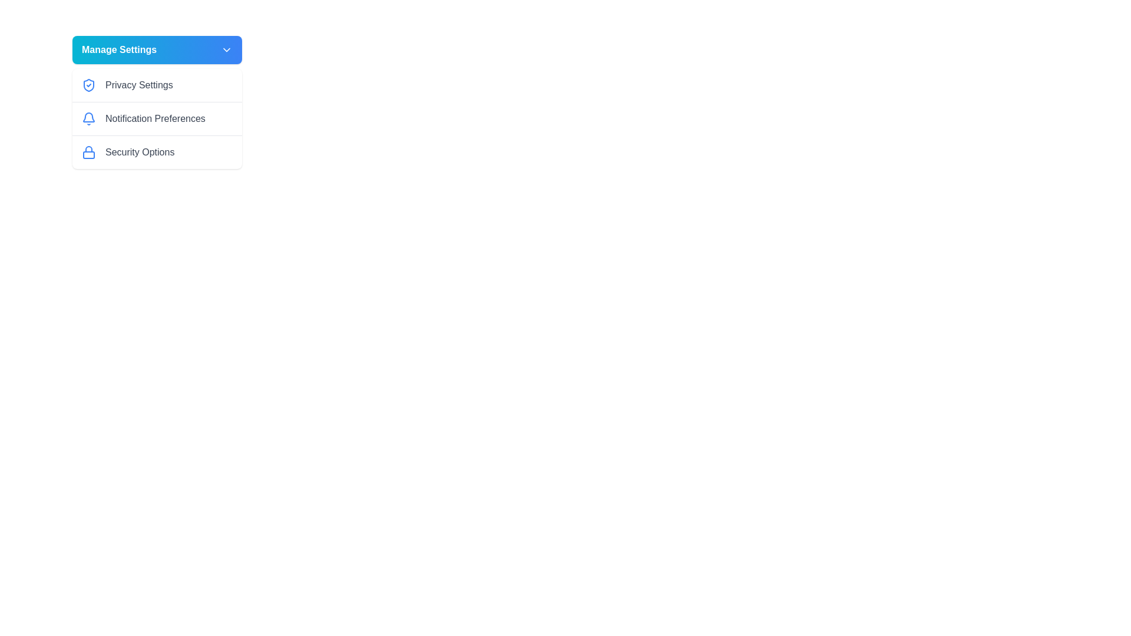 The image size is (1131, 636). Describe the element at coordinates (157, 85) in the screenshot. I see `the first button or link` at that location.